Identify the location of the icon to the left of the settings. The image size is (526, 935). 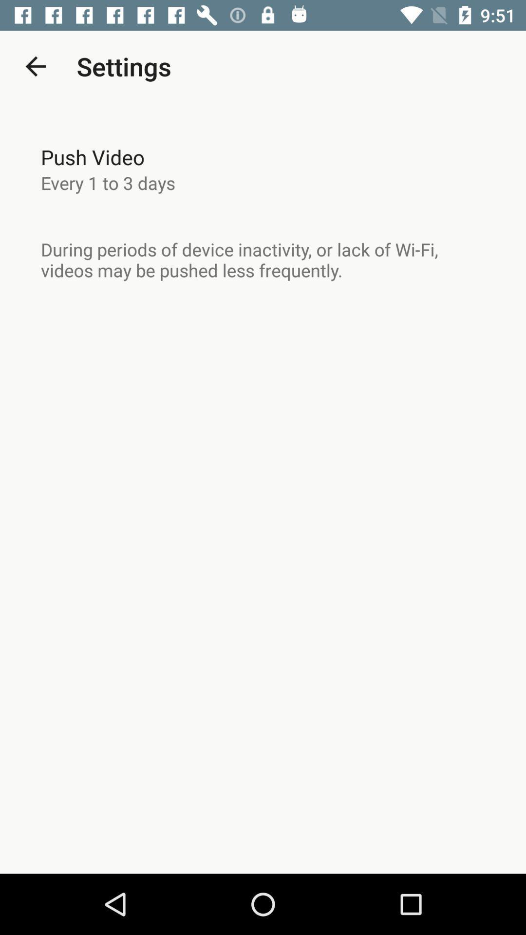
(35, 66).